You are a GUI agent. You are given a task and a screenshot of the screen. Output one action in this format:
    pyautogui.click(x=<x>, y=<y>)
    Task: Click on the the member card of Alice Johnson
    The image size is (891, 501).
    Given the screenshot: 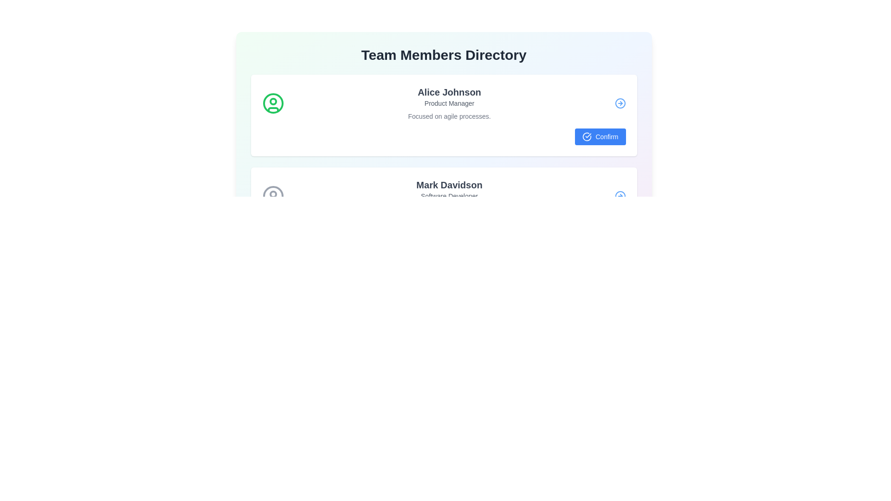 What is the action you would take?
    pyautogui.click(x=443, y=115)
    